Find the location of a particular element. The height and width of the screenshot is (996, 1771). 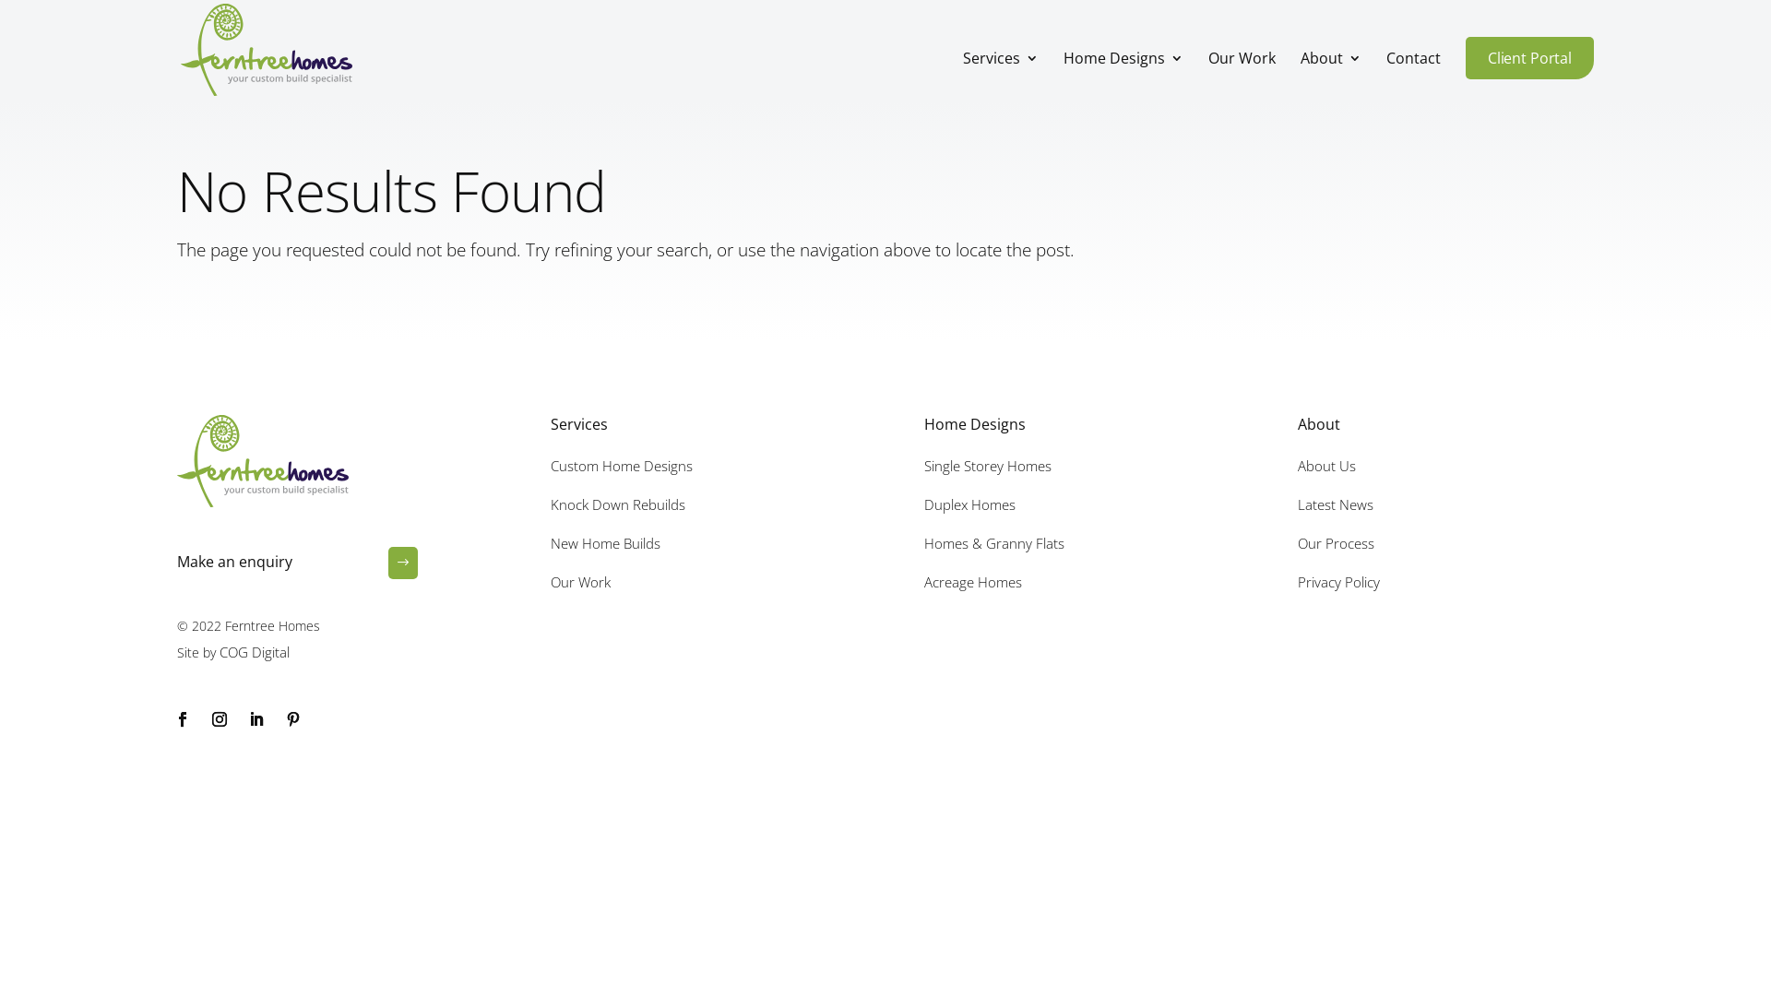

'Duplex Homes' is located at coordinates (969, 504).